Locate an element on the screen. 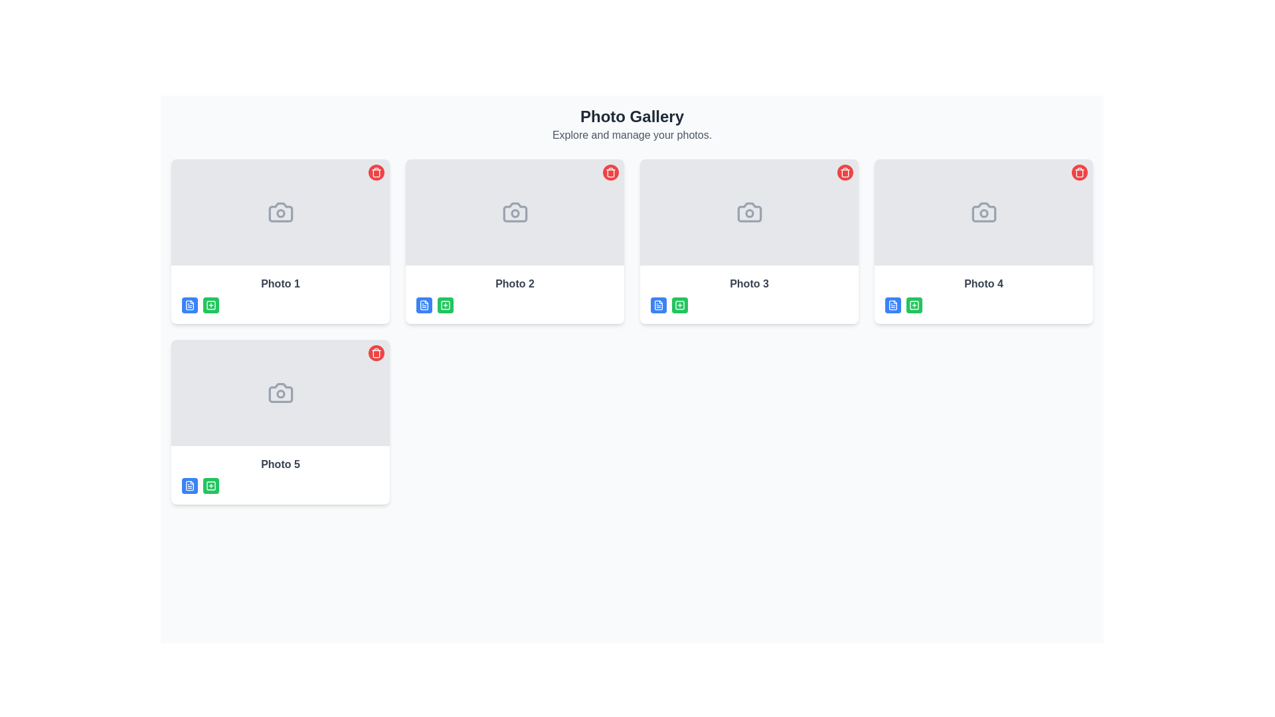 The height and width of the screenshot is (717, 1275). the grey camera icon located in the bottom-left corner of the 'Photo 5' thumbnail box is located at coordinates (280, 392).